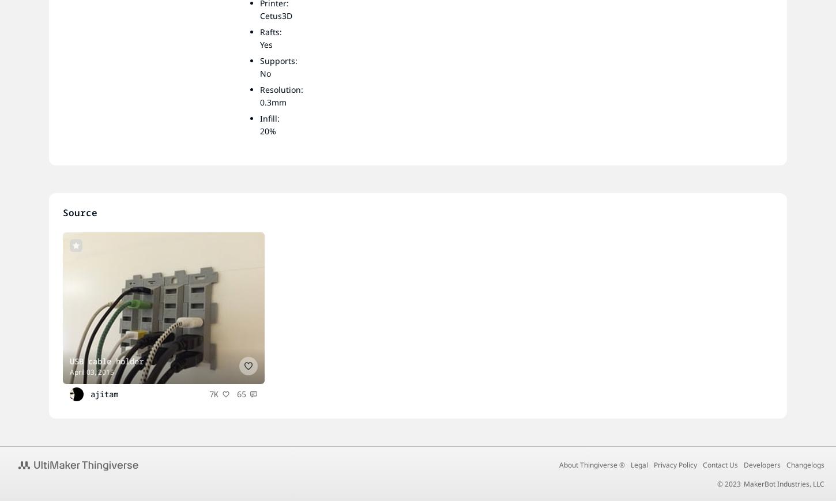 This screenshot has height=501, width=836. Describe the element at coordinates (277, 60) in the screenshot. I see `'Supports'` at that location.